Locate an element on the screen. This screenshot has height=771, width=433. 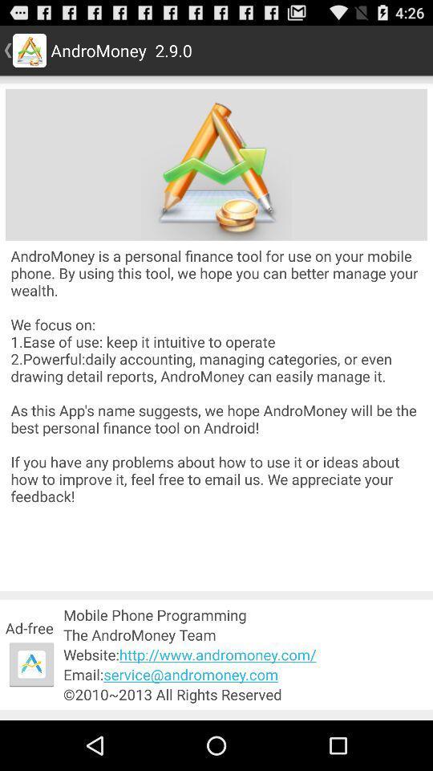
the icon bottom left corner is located at coordinates (31, 664).